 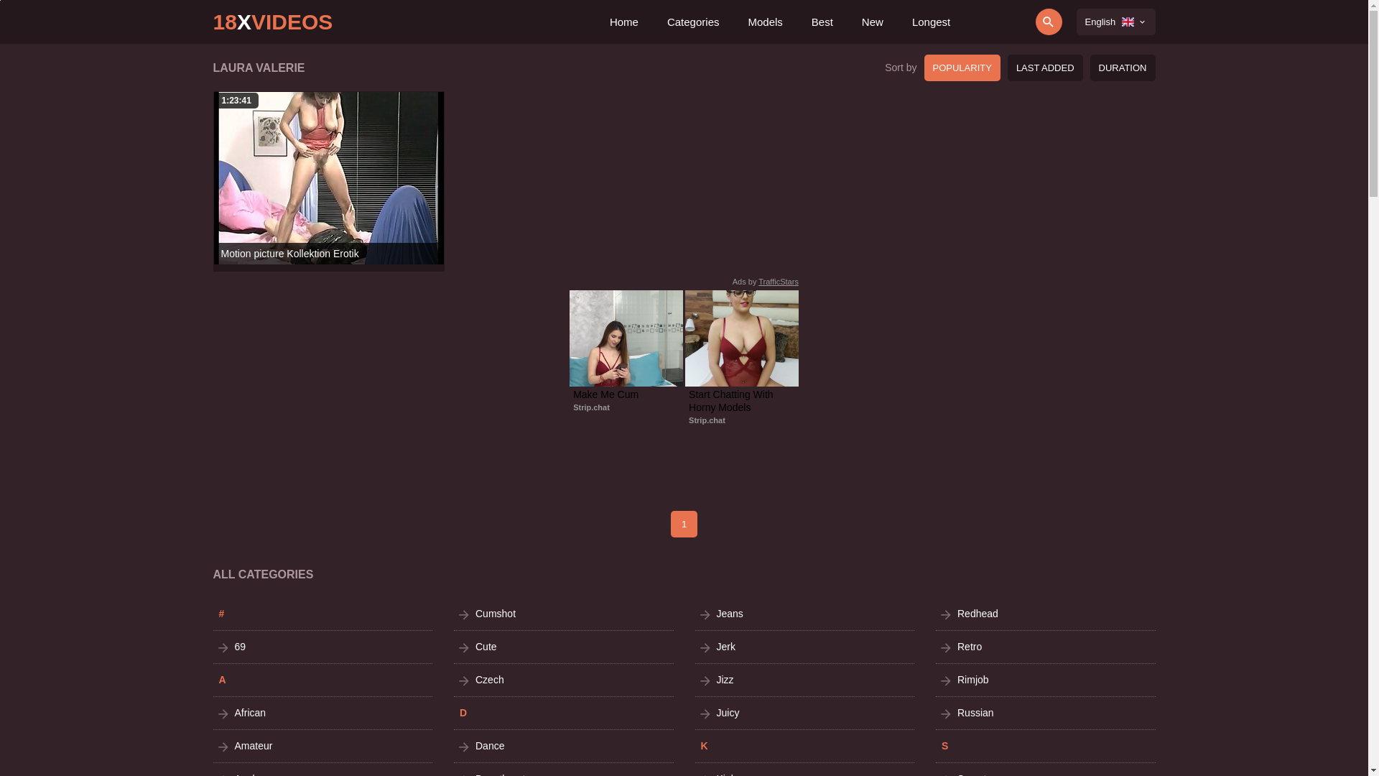 What do you see at coordinates (563, 614) in the screenshot?
I see `'Cumshot'` at bounding box center [563, 614].